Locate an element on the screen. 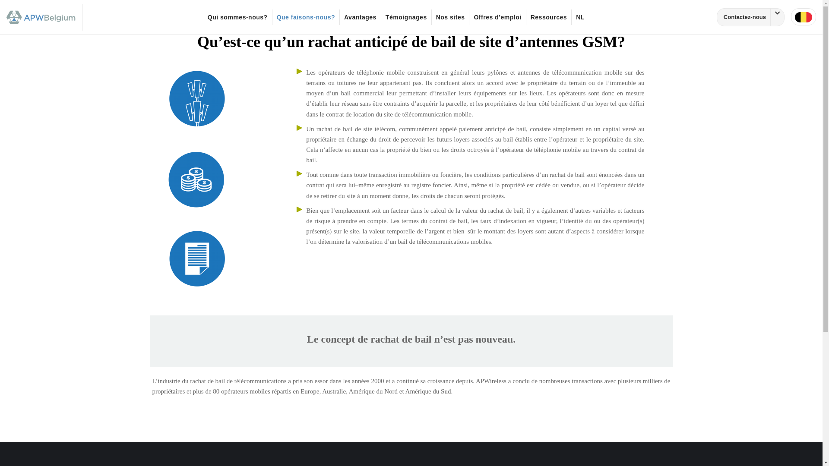 The width and height of the screenshot is (829, 466). 'img2' is located at coordinates (196, 179).